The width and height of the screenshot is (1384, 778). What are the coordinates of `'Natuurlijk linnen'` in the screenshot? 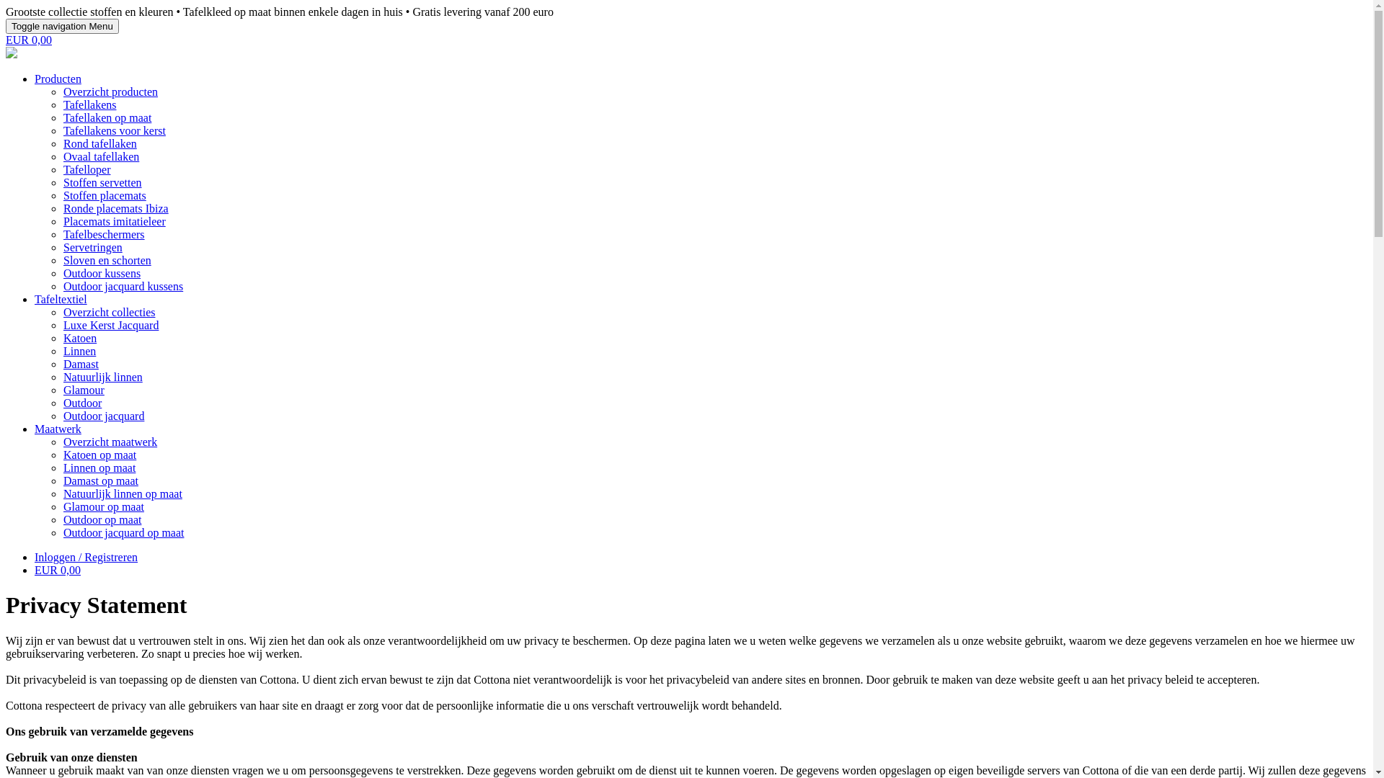 It's located at (102, 376).